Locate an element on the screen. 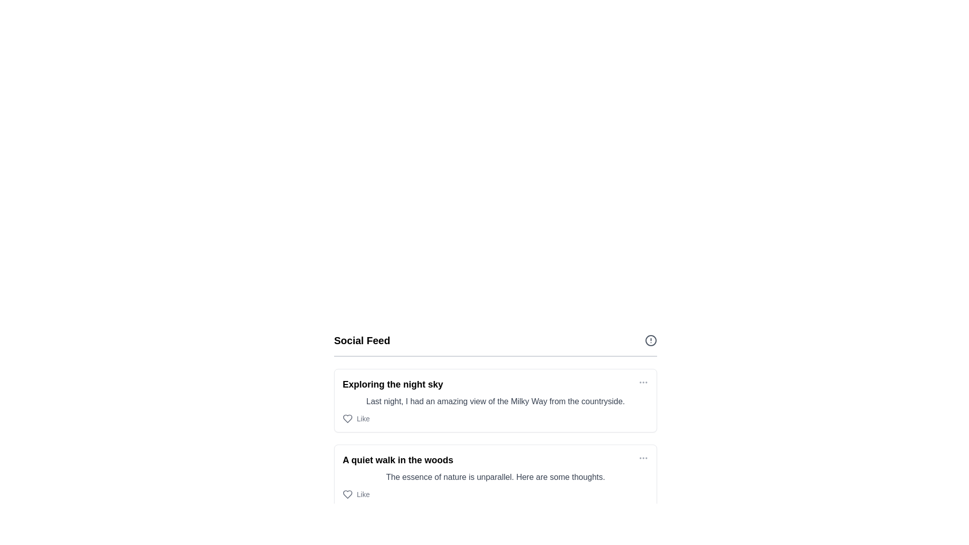 The width and height of the screenshot is (969, 545). the heart icon that indicates the 'like' feature, located next to the text 'Like' below the post titled 'Exploring the night sky' is located at coordinates (348, 418).